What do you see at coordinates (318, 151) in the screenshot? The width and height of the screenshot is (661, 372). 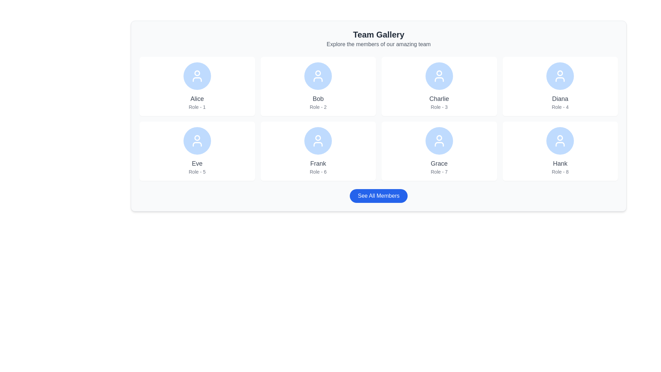 I see `the profile card UI component displaying the name 'Frank' and role 'Role - 6', located in the second row, third from the left in a 2x4 grid` at bounding box center [318, 151].